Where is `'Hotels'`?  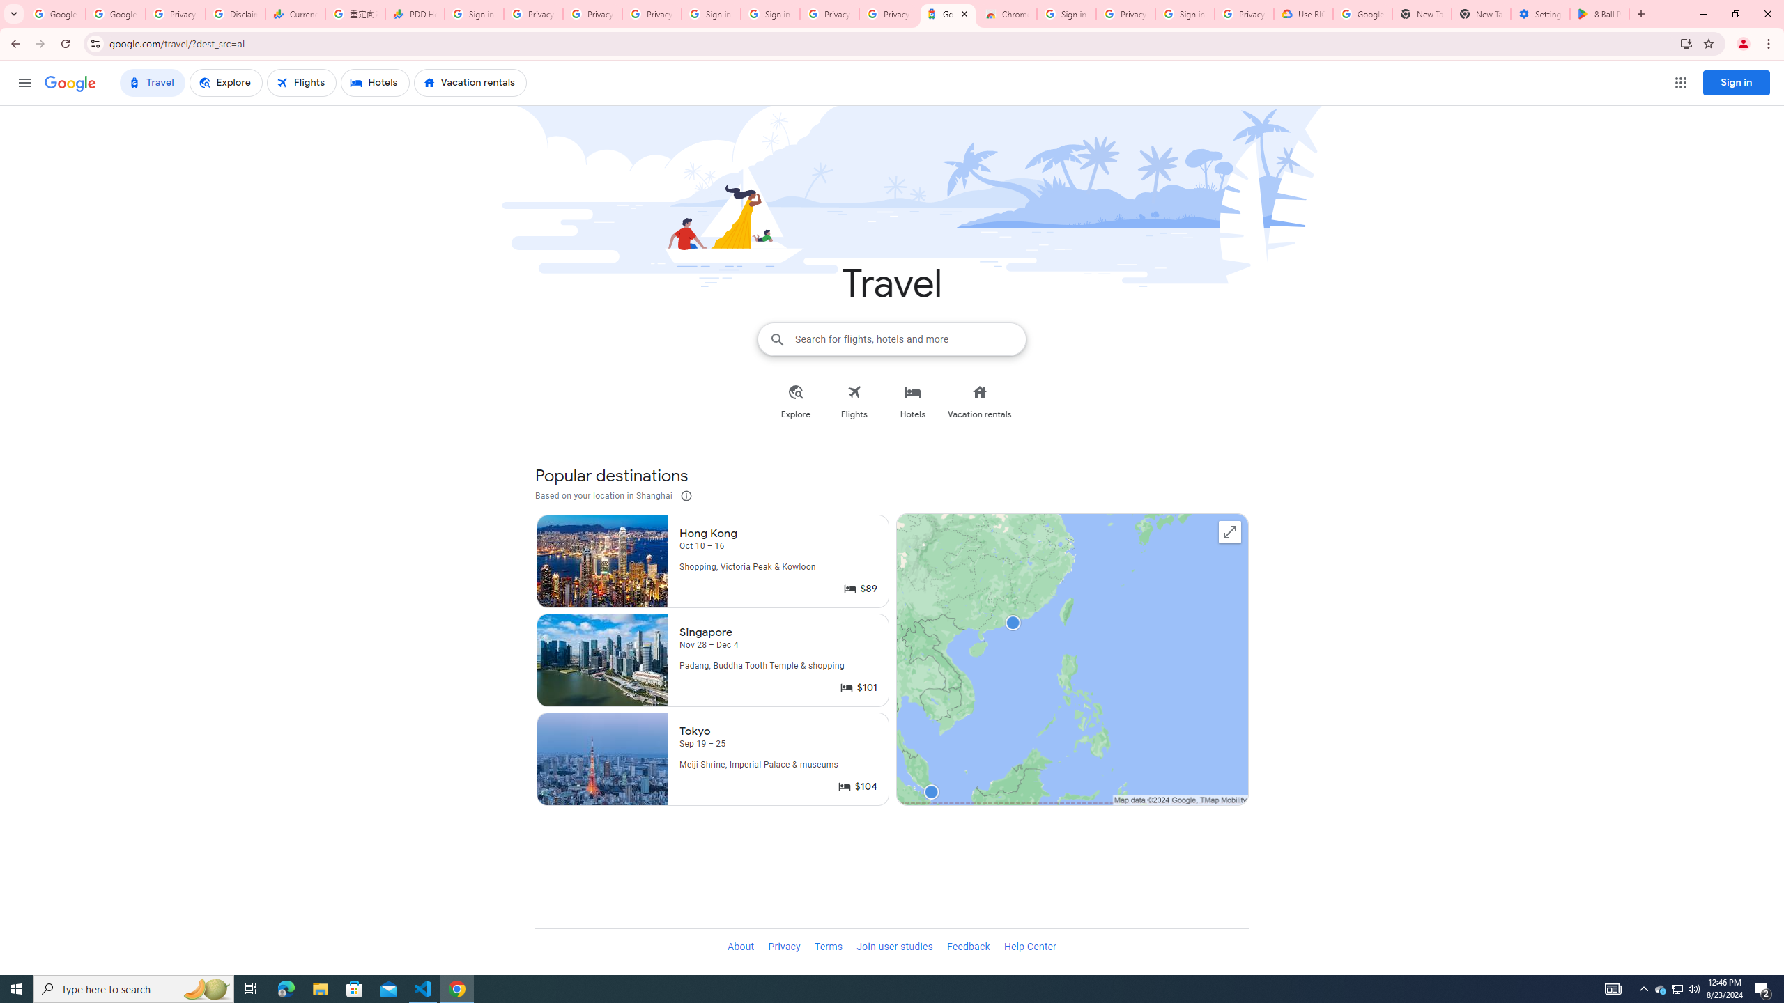 'Hotels' is located at coordinates (912, 402).